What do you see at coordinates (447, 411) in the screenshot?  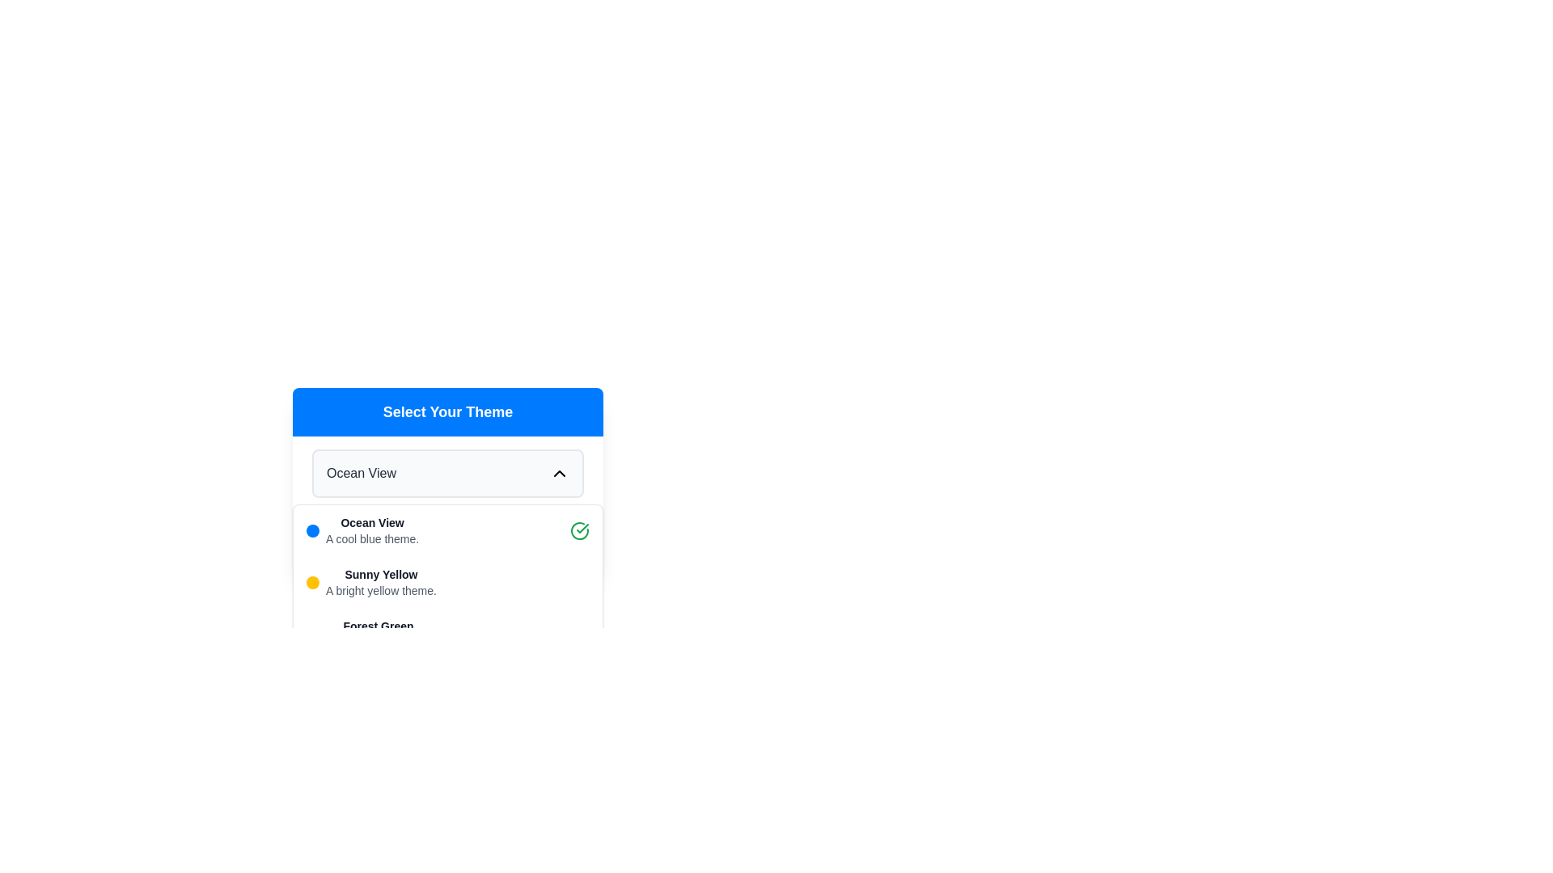 I see `the header element that serves as a title for the section, located centrally at the top with a blue background, immediately above the 'Ocean View' dropdown` at bounding box center [447, 411].